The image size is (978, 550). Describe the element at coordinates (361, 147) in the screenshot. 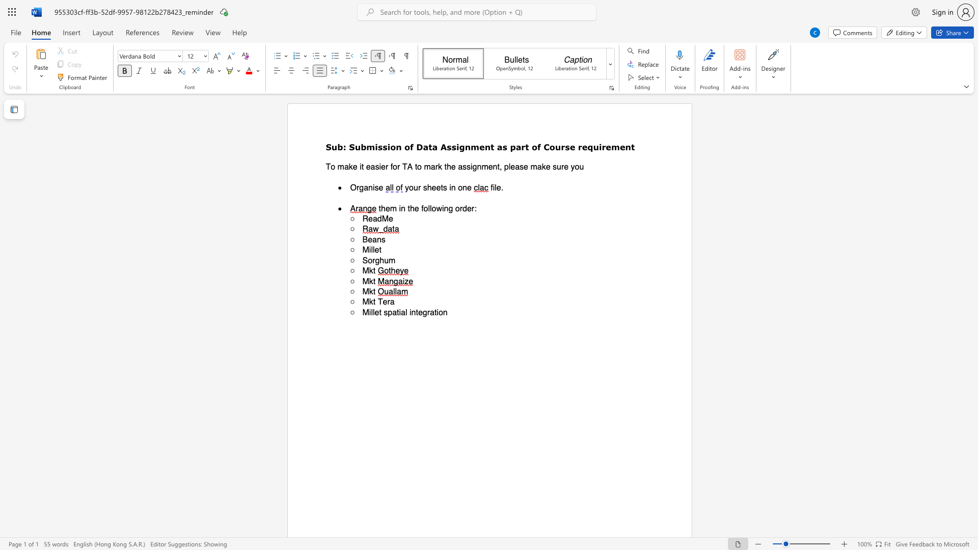

I see `the subset text "bmiss" within the text "Sub: Submission of"` at that location.